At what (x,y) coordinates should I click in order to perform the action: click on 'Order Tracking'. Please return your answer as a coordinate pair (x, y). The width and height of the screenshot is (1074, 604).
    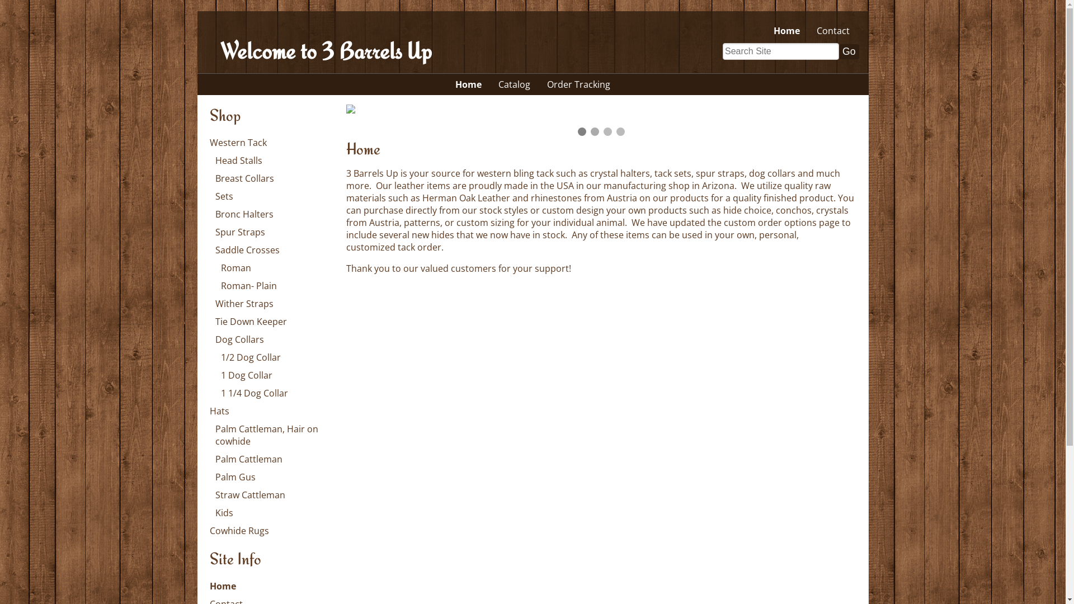
    Looking at the image, I should click on (578, 83).